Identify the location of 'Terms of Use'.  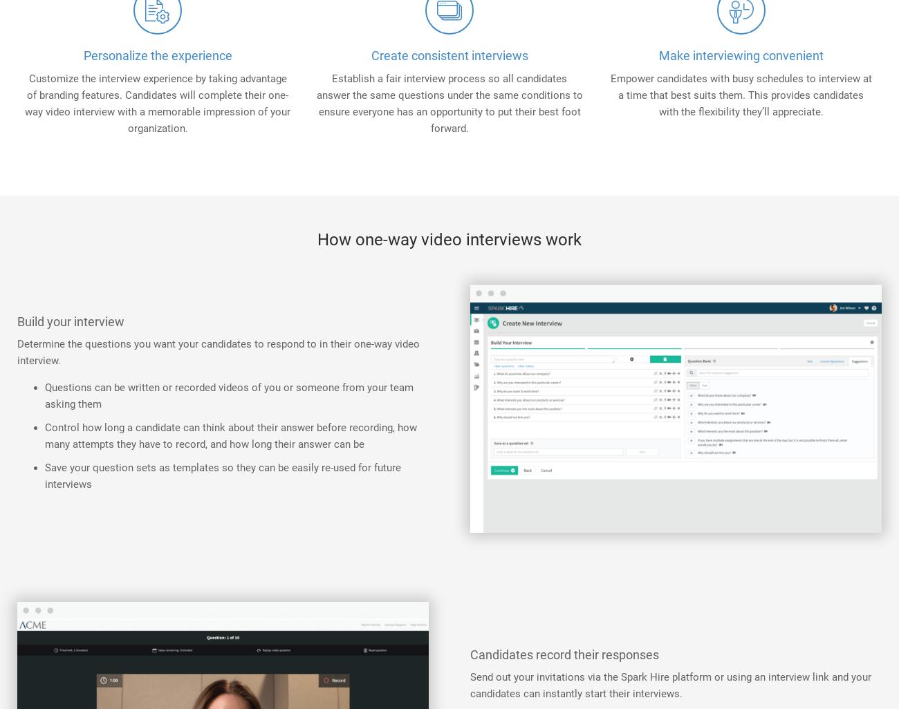
(784, 355).